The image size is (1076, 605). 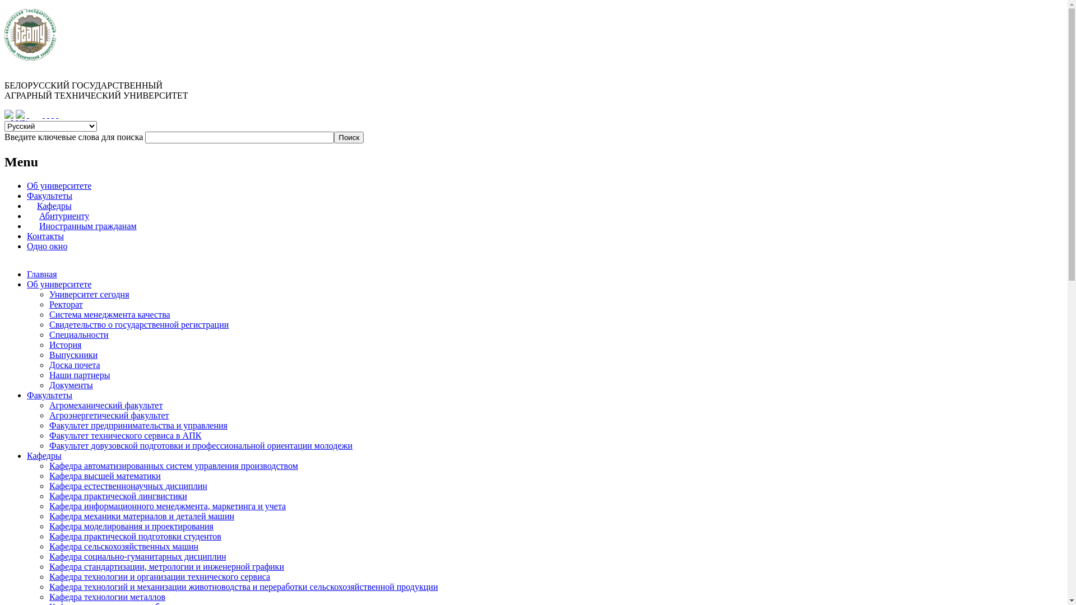 I want to click on ' ', so click(x=48, y=114).